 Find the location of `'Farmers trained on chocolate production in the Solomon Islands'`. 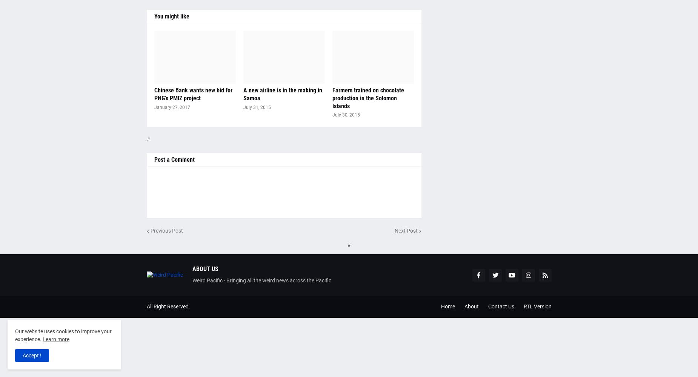

'Farmers trained on chocolate production in the Solomon Islands' is located at coordinates (367, 98).